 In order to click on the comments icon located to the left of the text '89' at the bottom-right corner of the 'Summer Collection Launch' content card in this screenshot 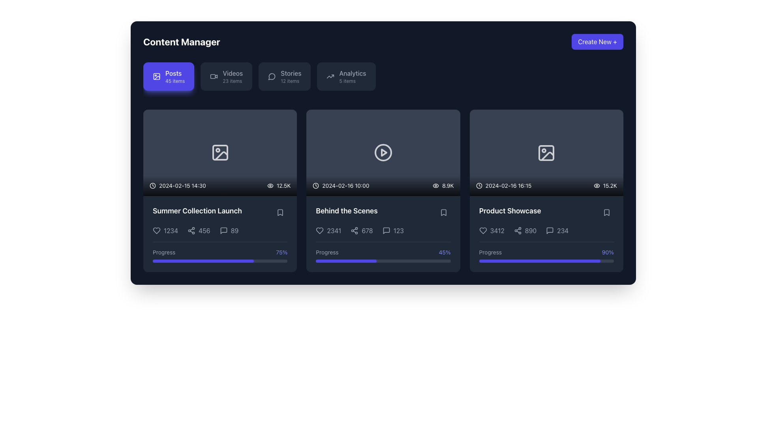, I will do `click(223, 230)`.